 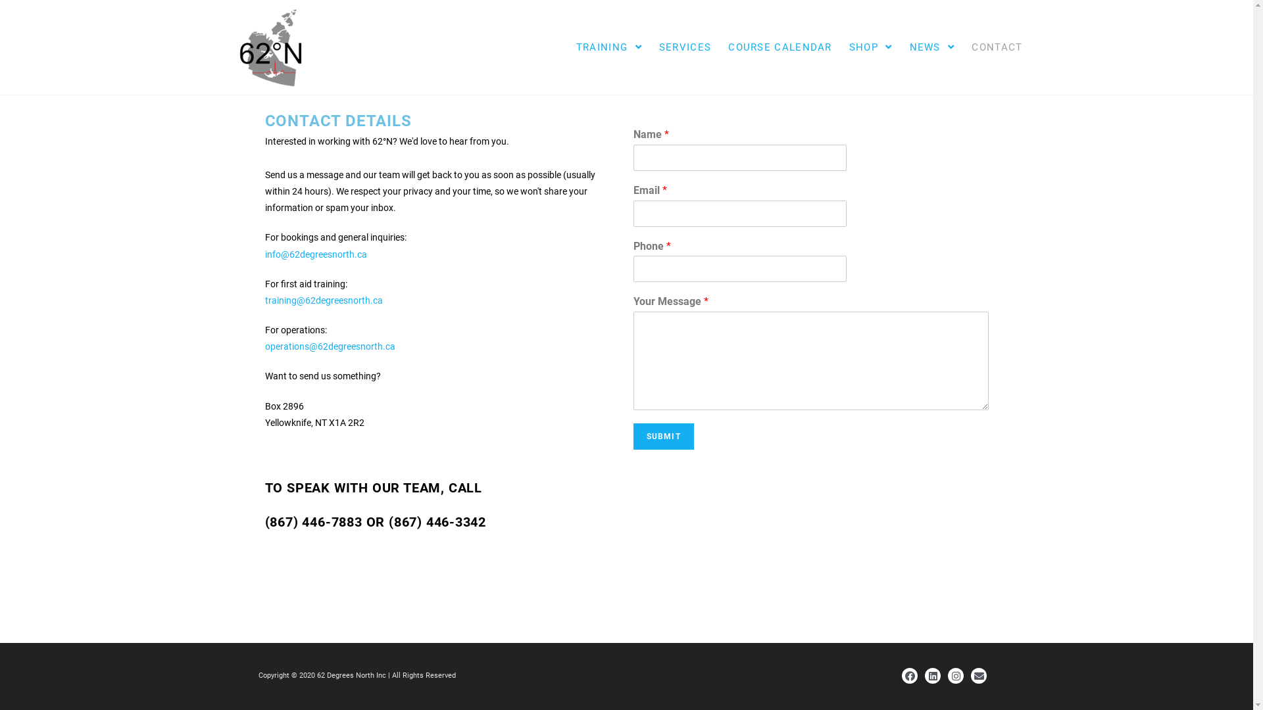 I want to click on 'TRAINING', so click(x=608, y=47).